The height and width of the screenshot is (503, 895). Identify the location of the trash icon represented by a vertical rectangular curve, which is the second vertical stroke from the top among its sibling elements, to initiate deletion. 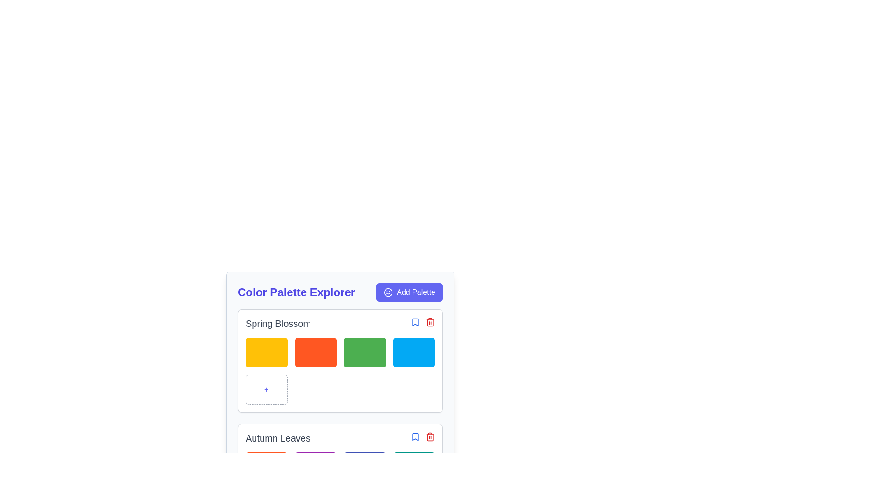
(429, 437).